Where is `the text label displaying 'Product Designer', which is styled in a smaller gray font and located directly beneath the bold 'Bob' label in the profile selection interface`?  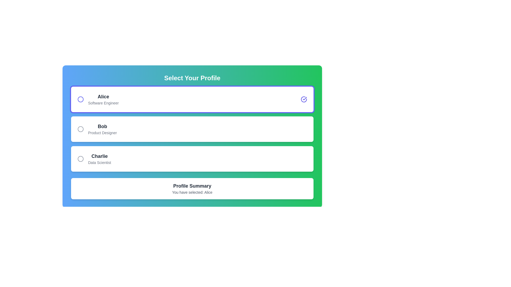
the text label displaying 'Product Designer', which is styled in a smaller gray font and located directly beneath the bold 'Bob' label in the profile selection interface is located at coordinates (102, 133).